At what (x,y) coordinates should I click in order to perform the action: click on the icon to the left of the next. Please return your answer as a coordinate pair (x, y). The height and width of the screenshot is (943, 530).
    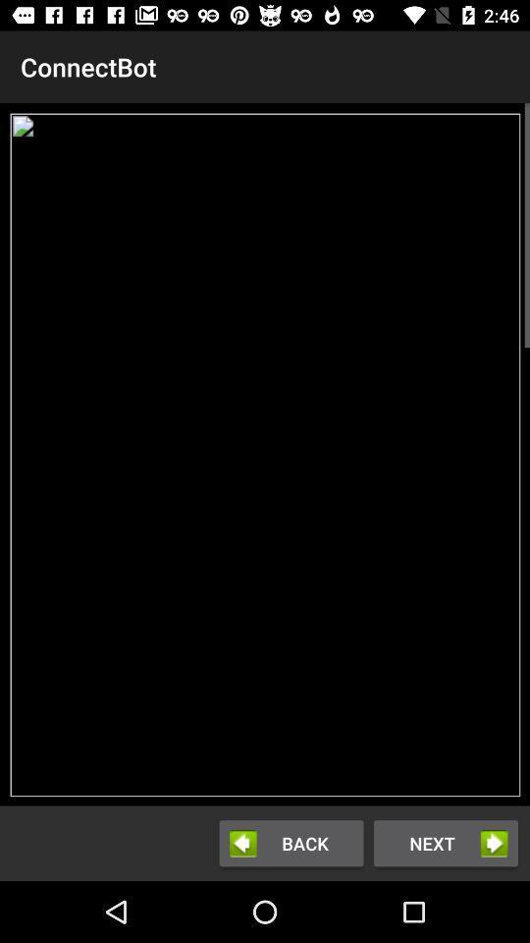
    Looking at the image, I should click on (291, 842).